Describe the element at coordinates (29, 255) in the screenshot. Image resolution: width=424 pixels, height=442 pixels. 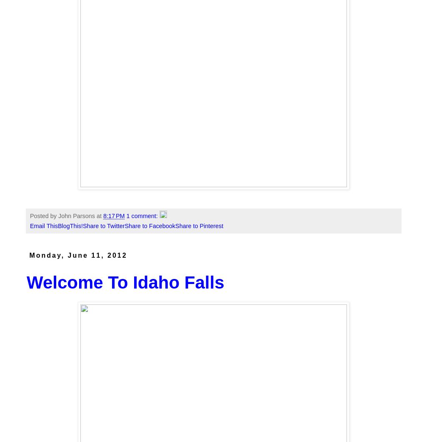
I see `'Monday, June 11, 2012'` at that location.